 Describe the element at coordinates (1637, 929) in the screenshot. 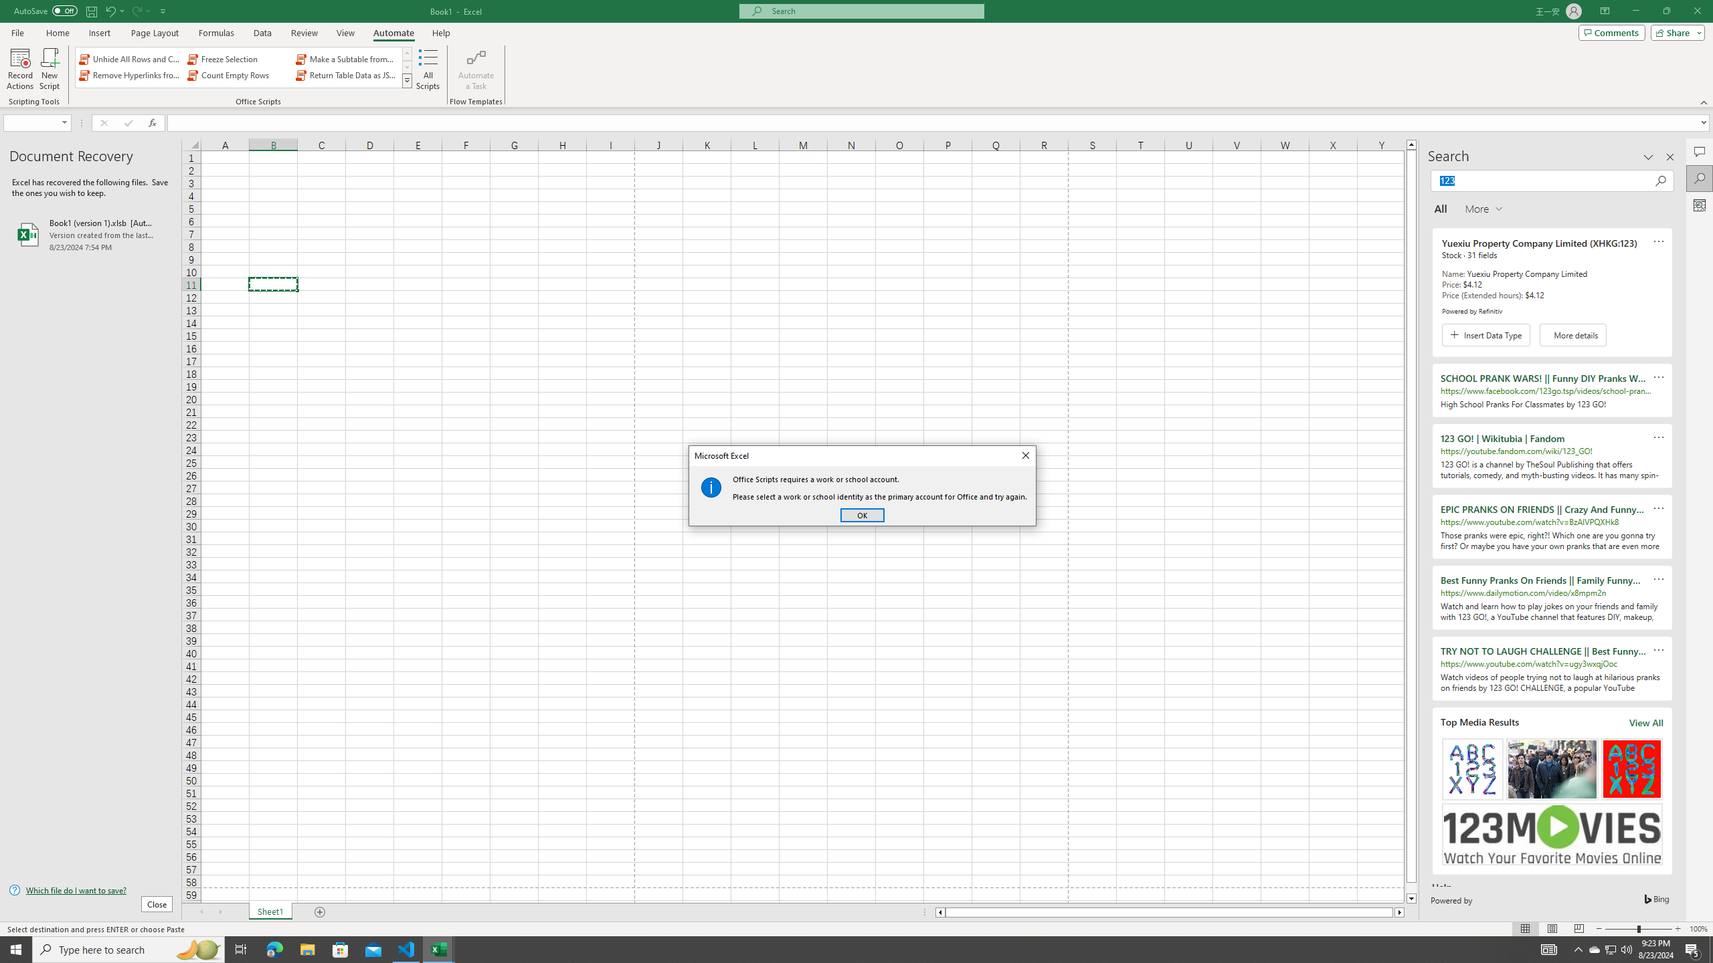

I see `'Zoom'` at that location.